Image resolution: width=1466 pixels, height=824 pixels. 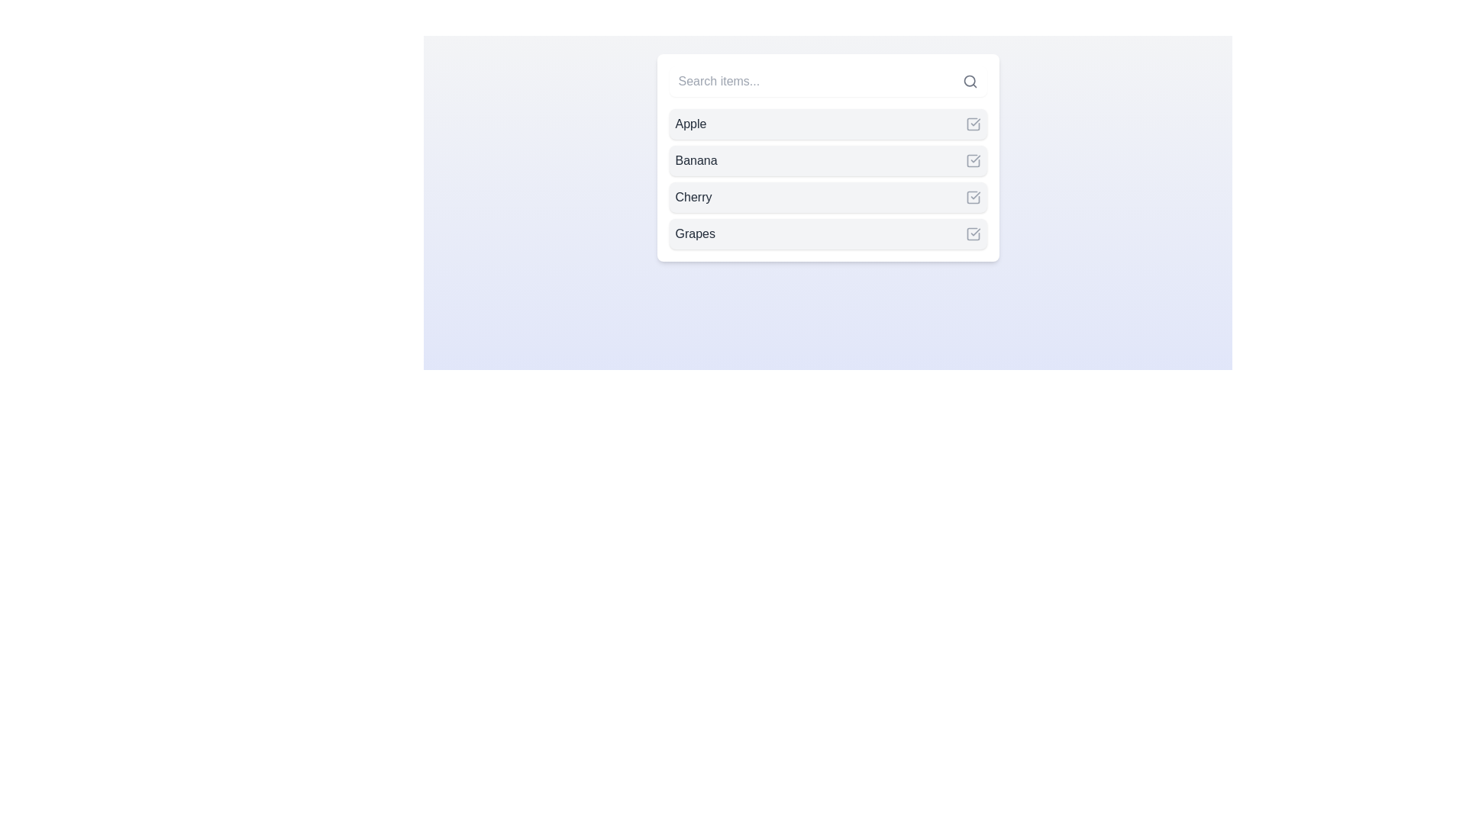 What do you see at coordinates (827, 234) in the screenshot?
I see `the fourth item in the selectable list labeled 'Grapes'` at bounding box center [827, 234].